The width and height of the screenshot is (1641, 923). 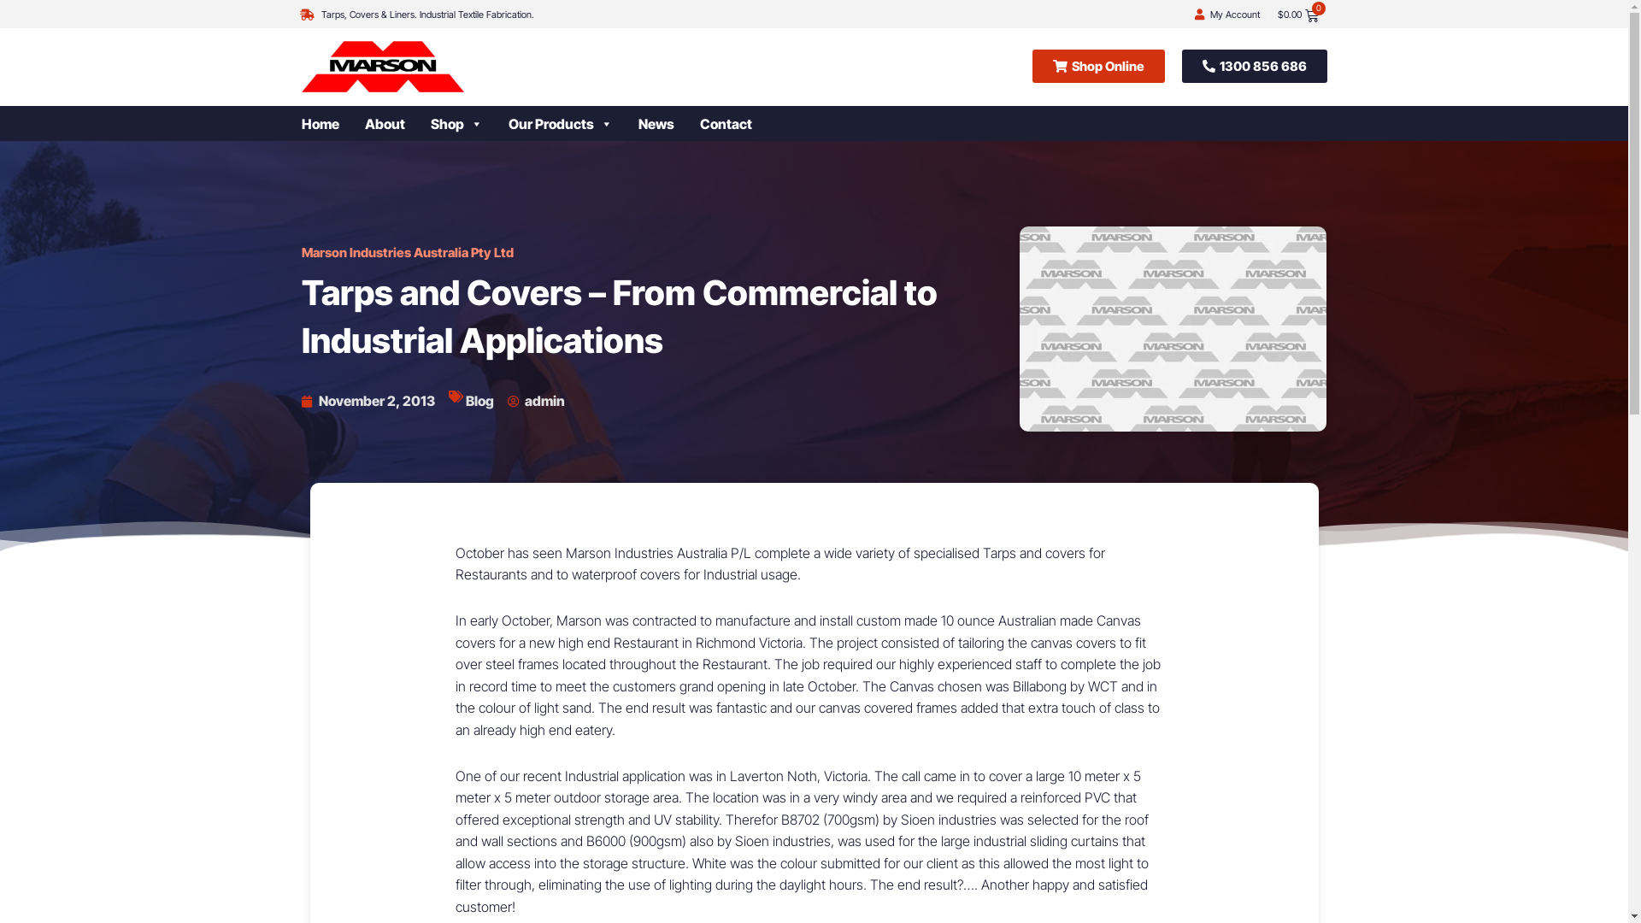 What do you see at coordinates (367, 402) in the screenshot?
I see `'November 2, 2013'` at bounding box center [367, 402].